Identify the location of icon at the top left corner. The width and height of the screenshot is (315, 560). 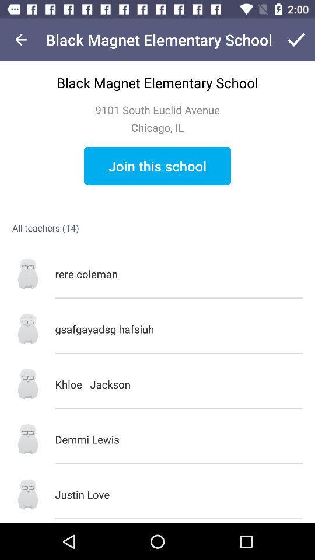
(21, 40).